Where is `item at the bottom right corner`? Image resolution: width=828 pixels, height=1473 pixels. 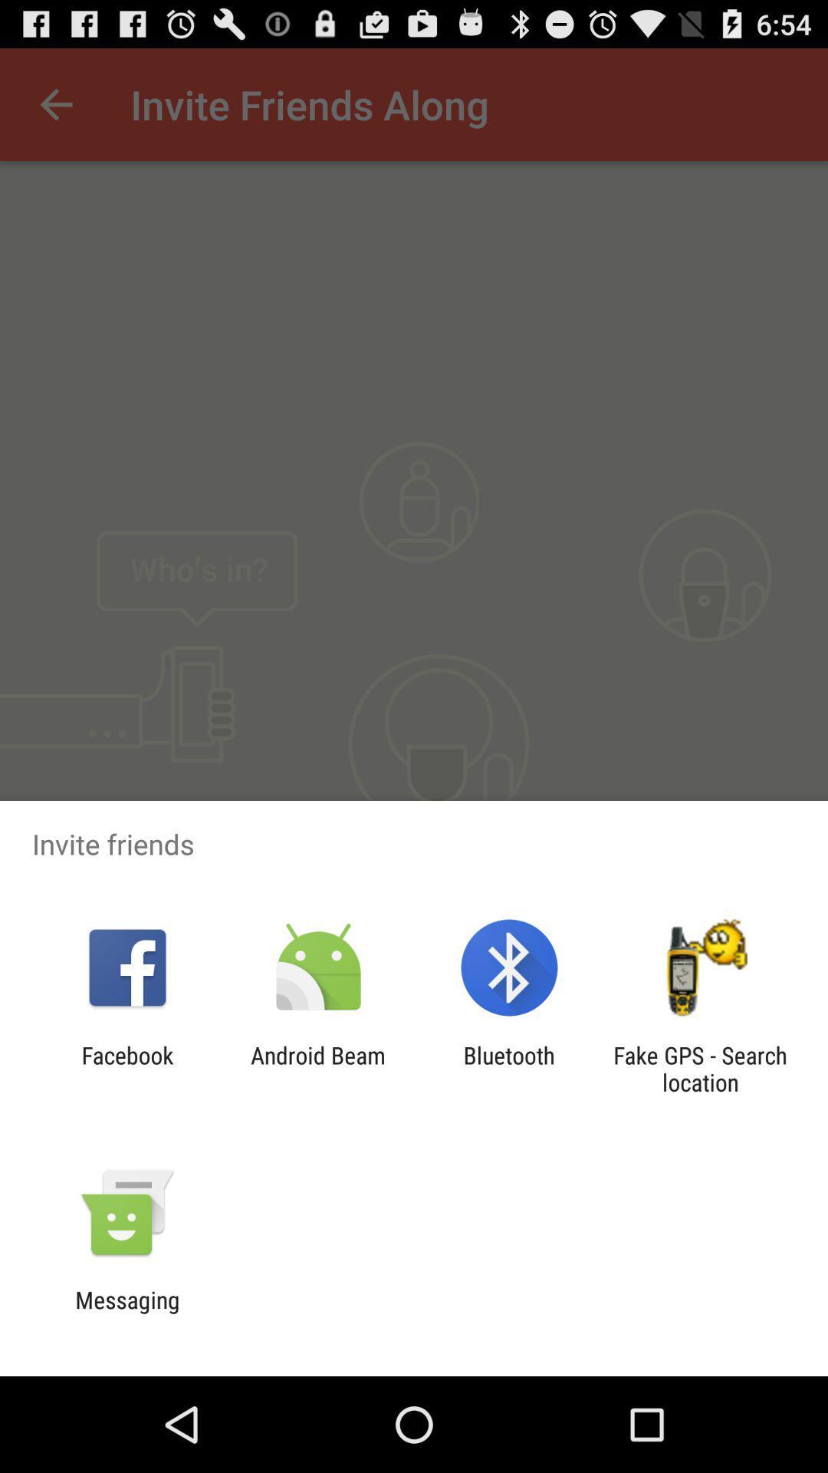 item at the bottom right corner is located at coordinates (700, 1068).